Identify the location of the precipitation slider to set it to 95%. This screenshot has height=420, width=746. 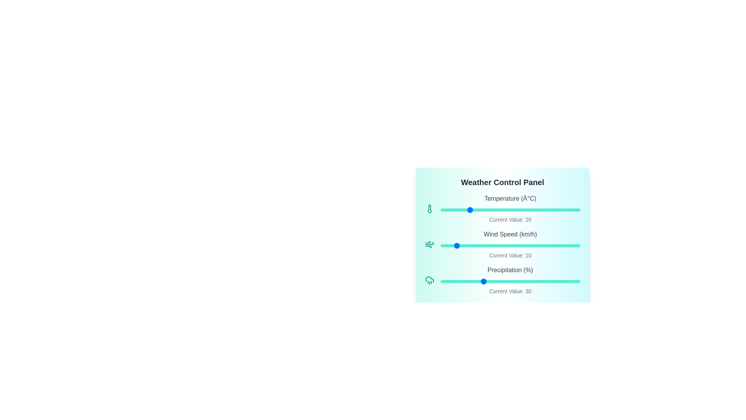
(573, 282).